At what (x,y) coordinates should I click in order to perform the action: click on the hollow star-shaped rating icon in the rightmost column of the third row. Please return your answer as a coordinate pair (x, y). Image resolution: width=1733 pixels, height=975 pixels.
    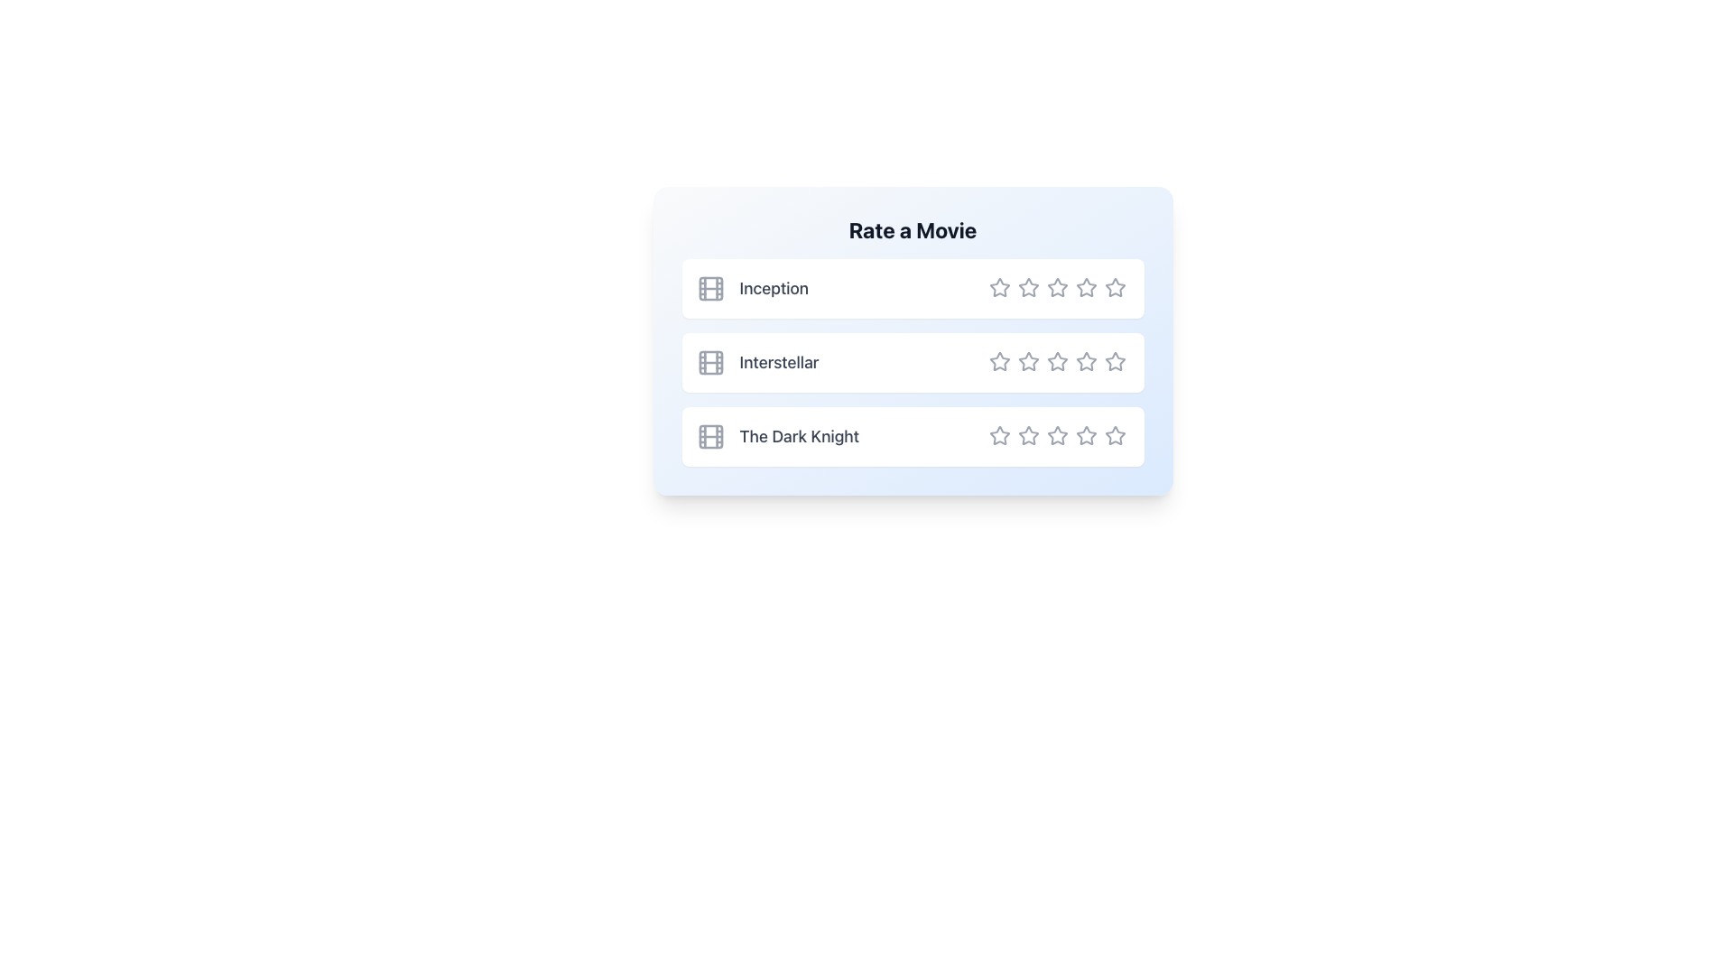
    Looking at the image, I should click on (1114, 435).